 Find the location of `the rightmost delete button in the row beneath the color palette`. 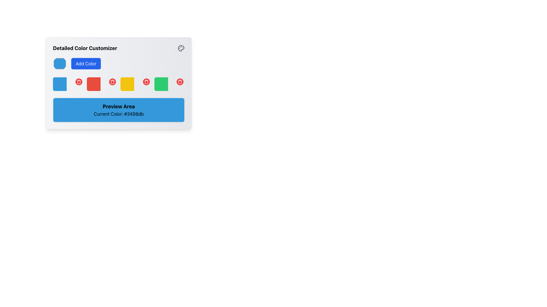

the rightmost delete button in the row beneath the color palette is located at coordinates (180, 82).